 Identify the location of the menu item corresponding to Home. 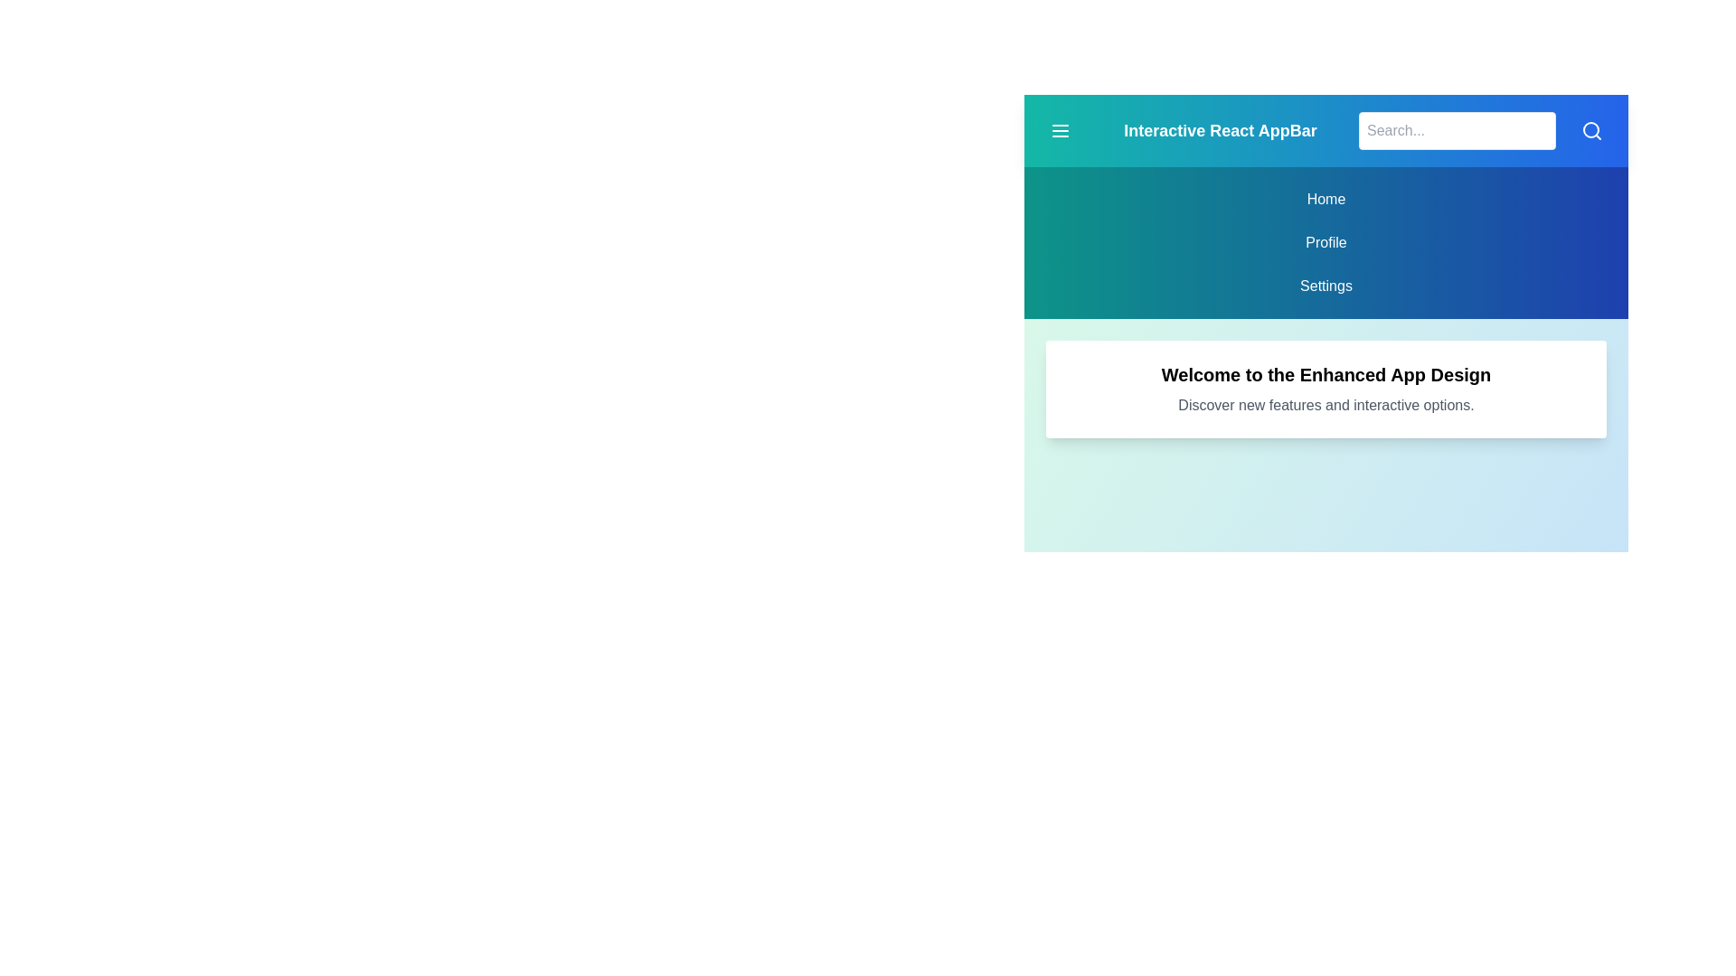
(1326, 199).